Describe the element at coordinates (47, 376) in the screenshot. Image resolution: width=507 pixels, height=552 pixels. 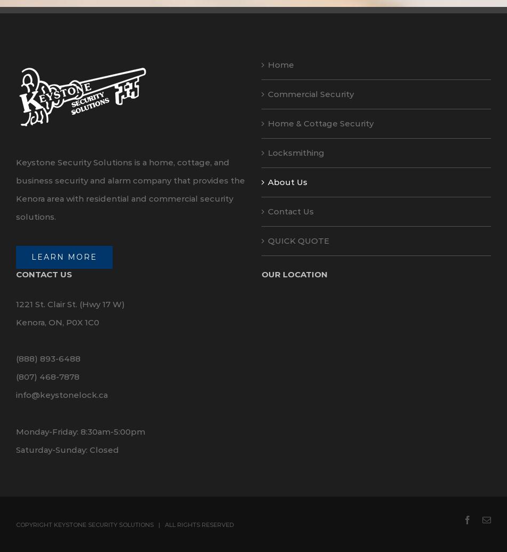
I see `'(807) 468-7878'` at that location.